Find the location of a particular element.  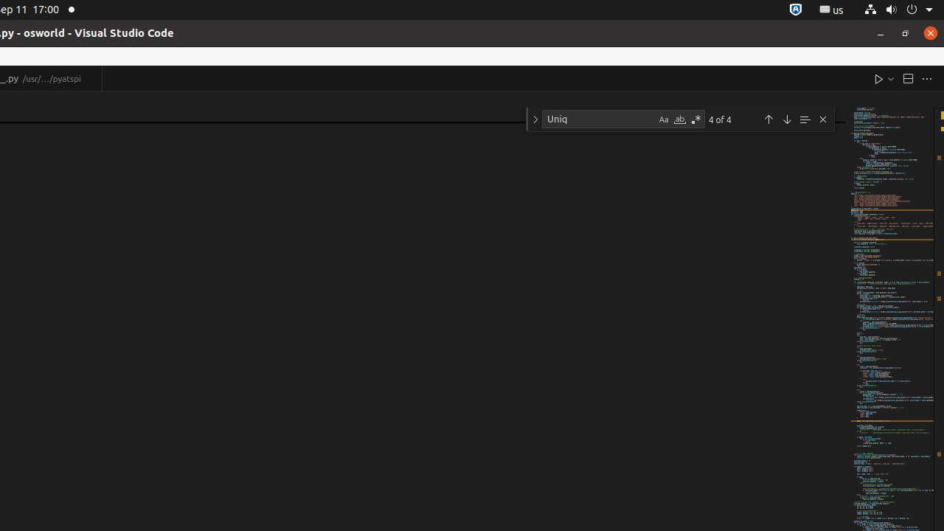

'Previous Match (Shift+Enter)' is located at coordinates (768, 118).